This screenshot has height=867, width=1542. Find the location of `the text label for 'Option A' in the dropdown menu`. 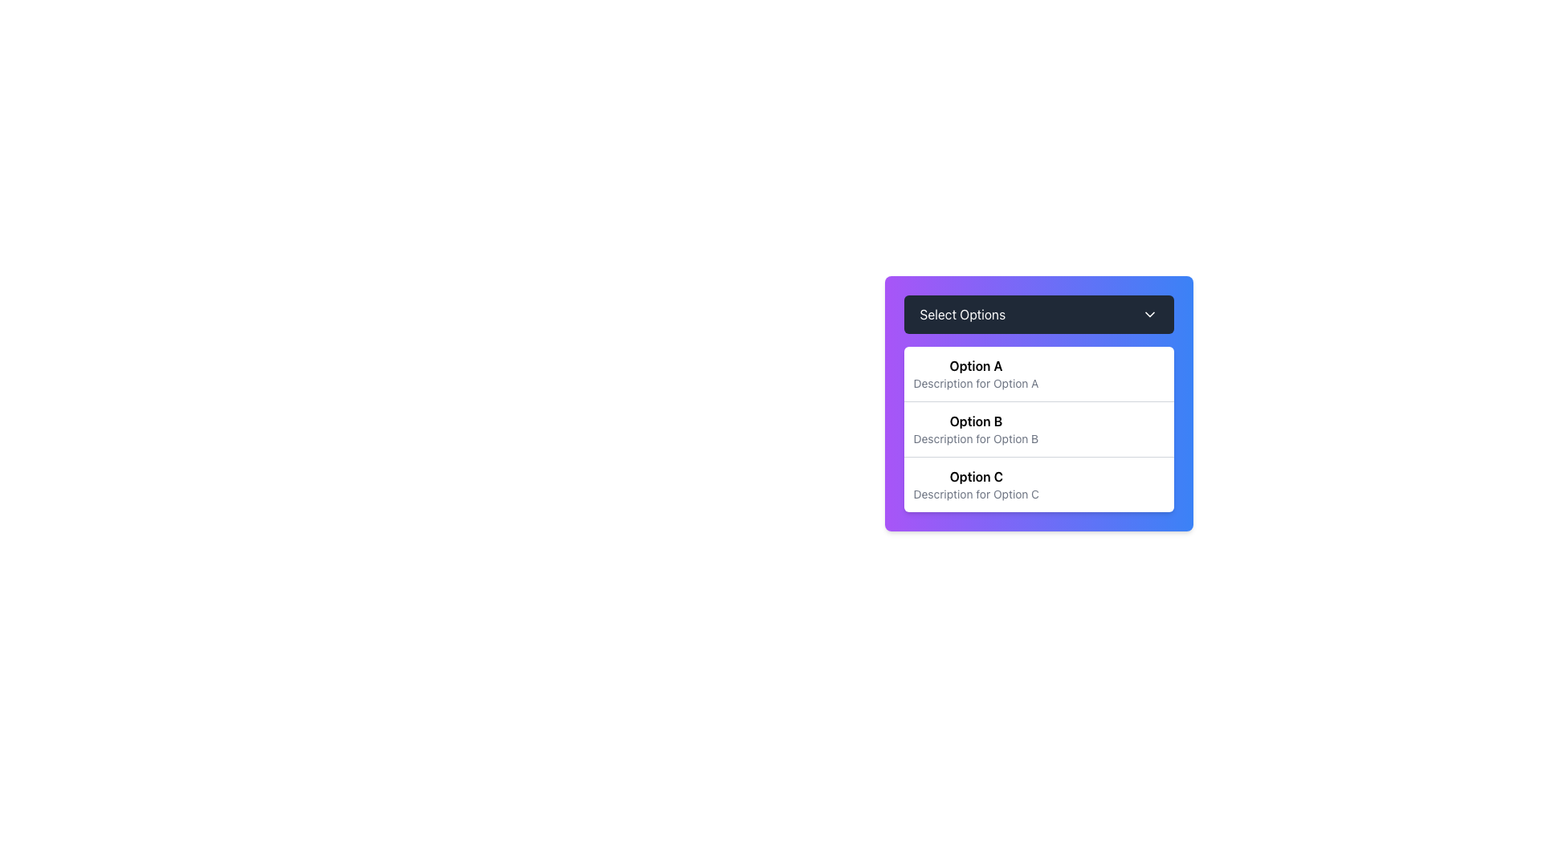

the text label for 'Option A' in the dropdown menu is located at coordinates (975, 365).